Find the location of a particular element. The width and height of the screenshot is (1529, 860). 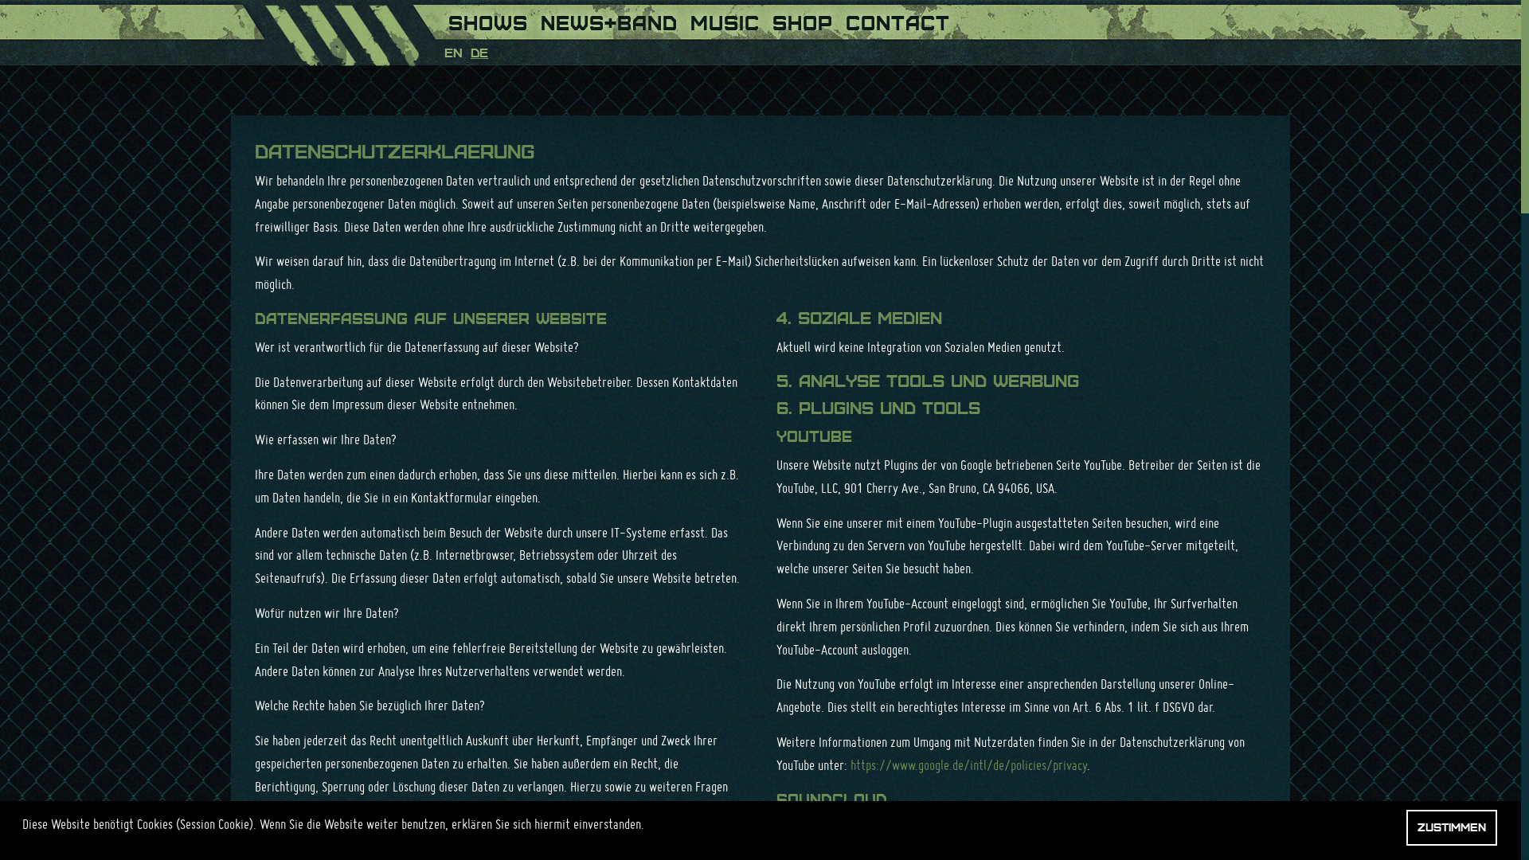

'DE' is located at coordinates (469, 52).